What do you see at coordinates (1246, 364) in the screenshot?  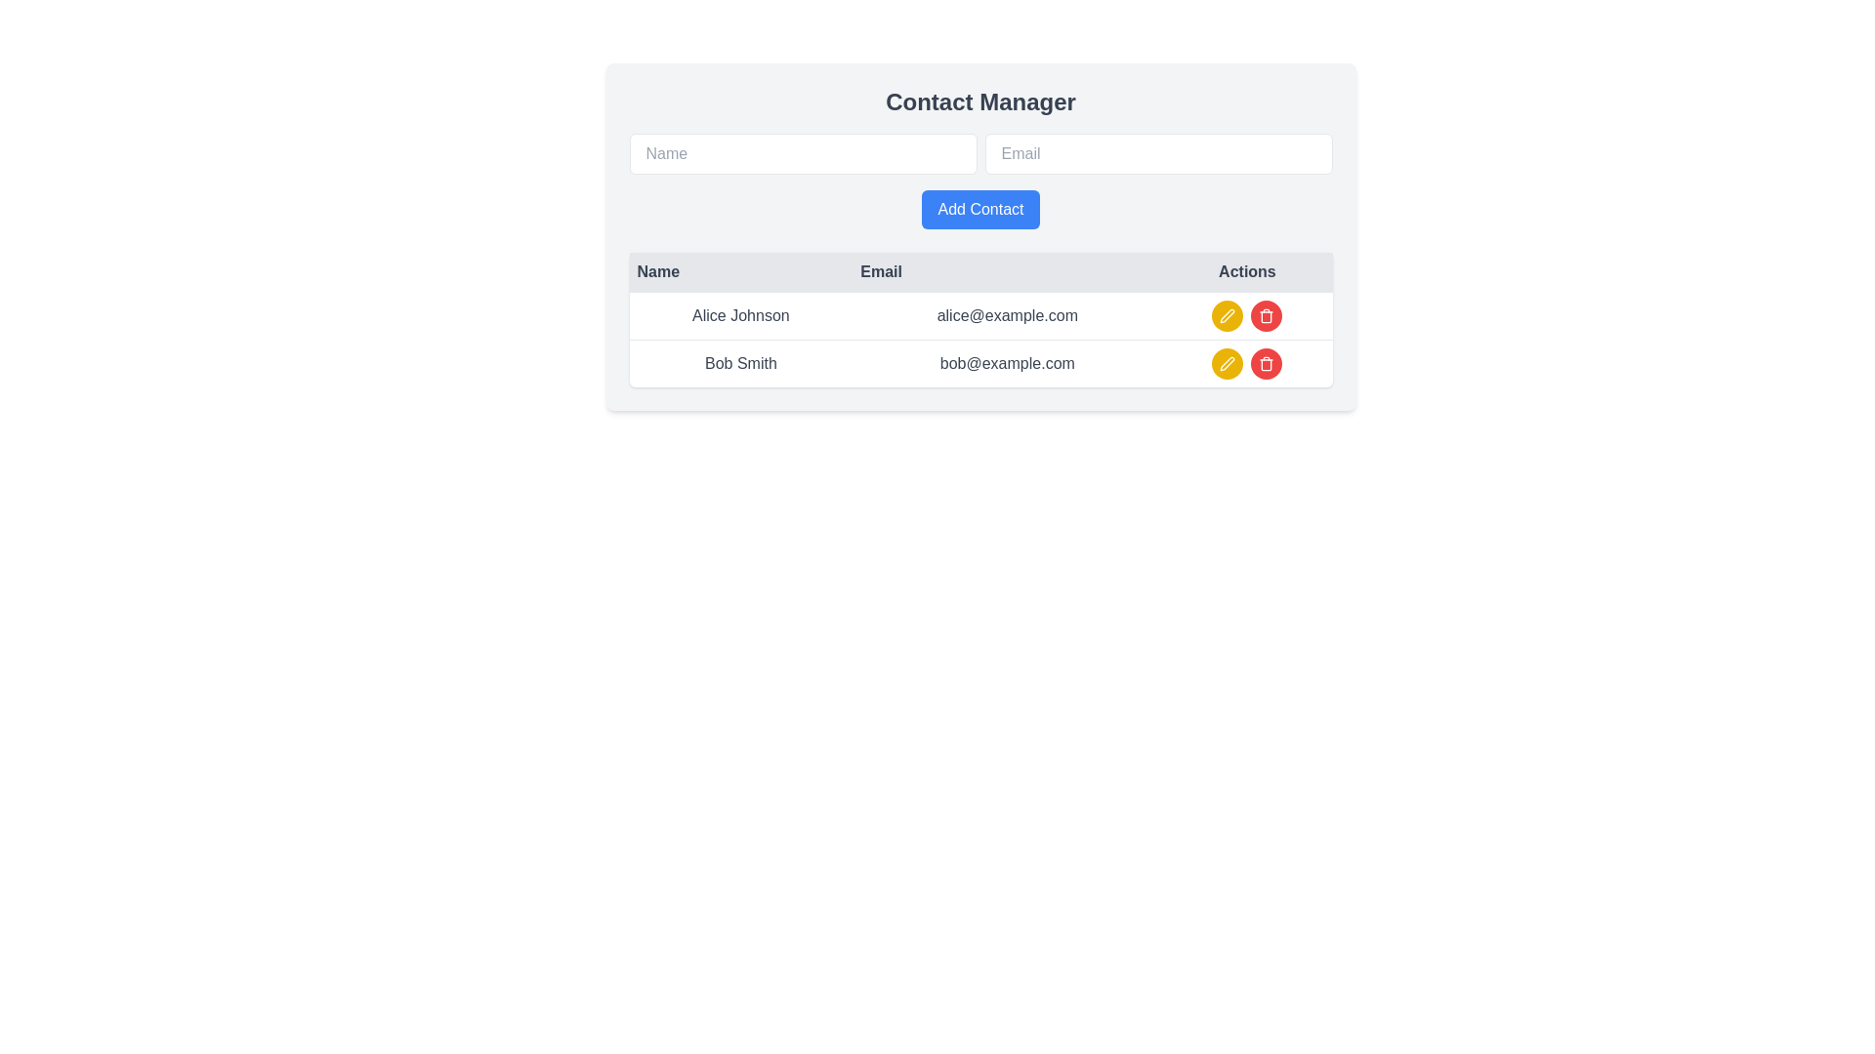 I see `the edit button with a yellow background and pen icon in the horizontal option group of the 'Actions' column for the contact 'Bob Smith'` at bounding box center [1246, 364].